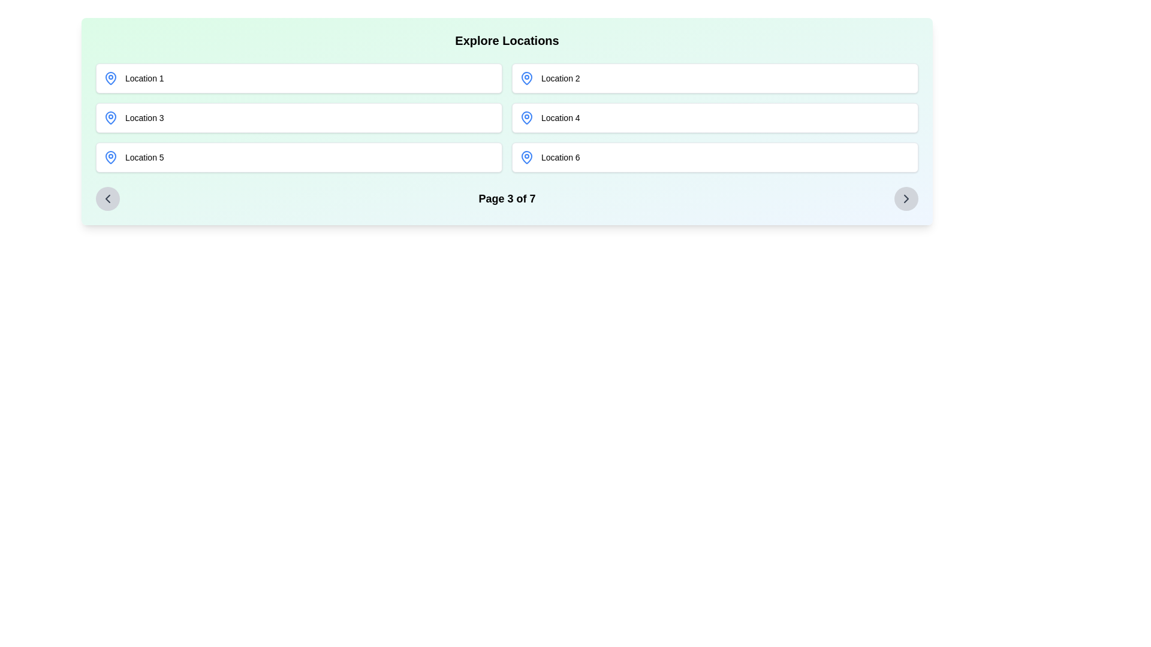 This screenshot has height=647, width=1151. Describe the element at coordinates (108, 198) in the screenshot. I see `the chevron-left icon located near the bottom left of the interface` at that location.